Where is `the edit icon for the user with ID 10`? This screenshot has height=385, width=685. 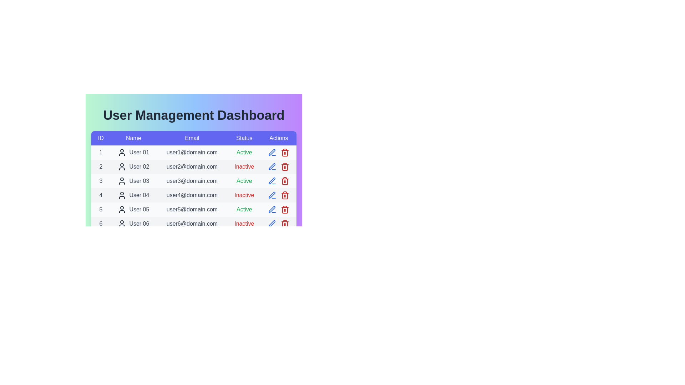 the edit icon for the user with ID 10 is located at coordinates (272, 280).